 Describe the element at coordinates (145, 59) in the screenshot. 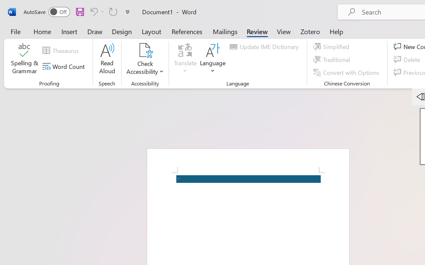

I see `'Check Accessibility'` at that location.